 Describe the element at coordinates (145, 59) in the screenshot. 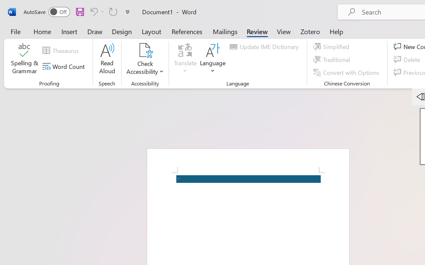

I see `'Check Accessibility'` at that location.